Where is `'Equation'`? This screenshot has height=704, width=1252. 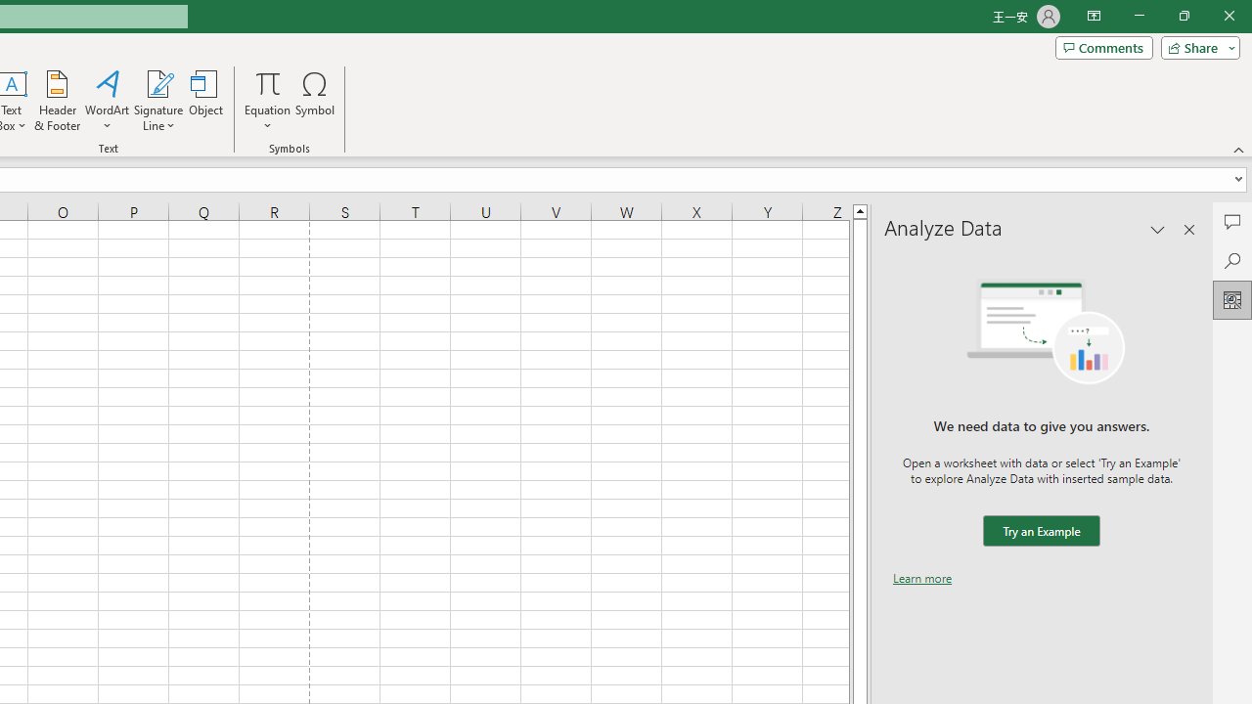
'Equation' is located at coordinates (266, 101).